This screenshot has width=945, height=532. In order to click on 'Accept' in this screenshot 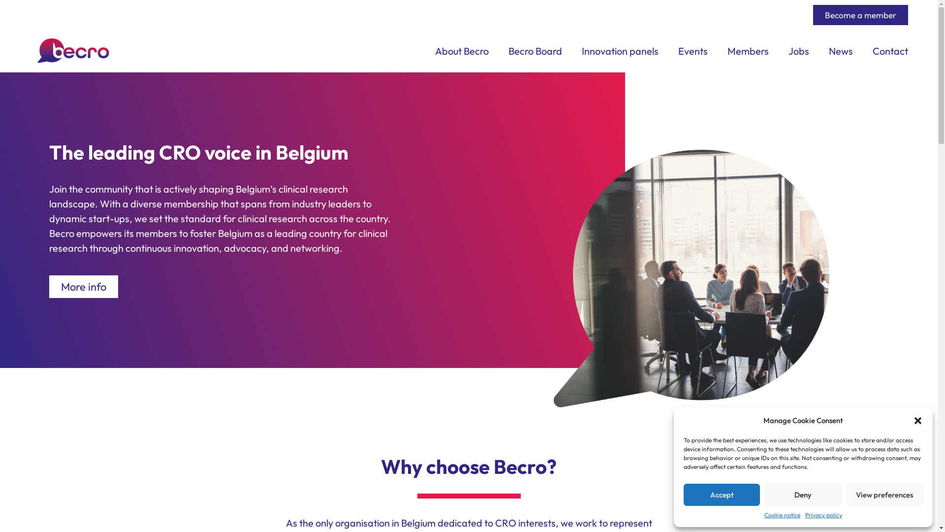, I will do `click(683, 495)`.